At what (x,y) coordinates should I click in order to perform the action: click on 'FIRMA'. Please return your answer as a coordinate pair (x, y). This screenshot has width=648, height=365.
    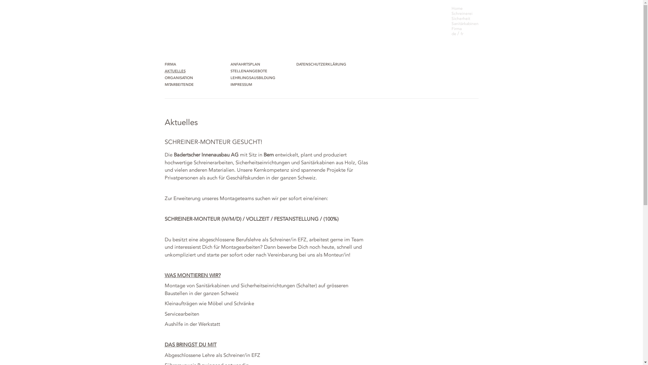
    Looking at the image, I should click on (165, 65).